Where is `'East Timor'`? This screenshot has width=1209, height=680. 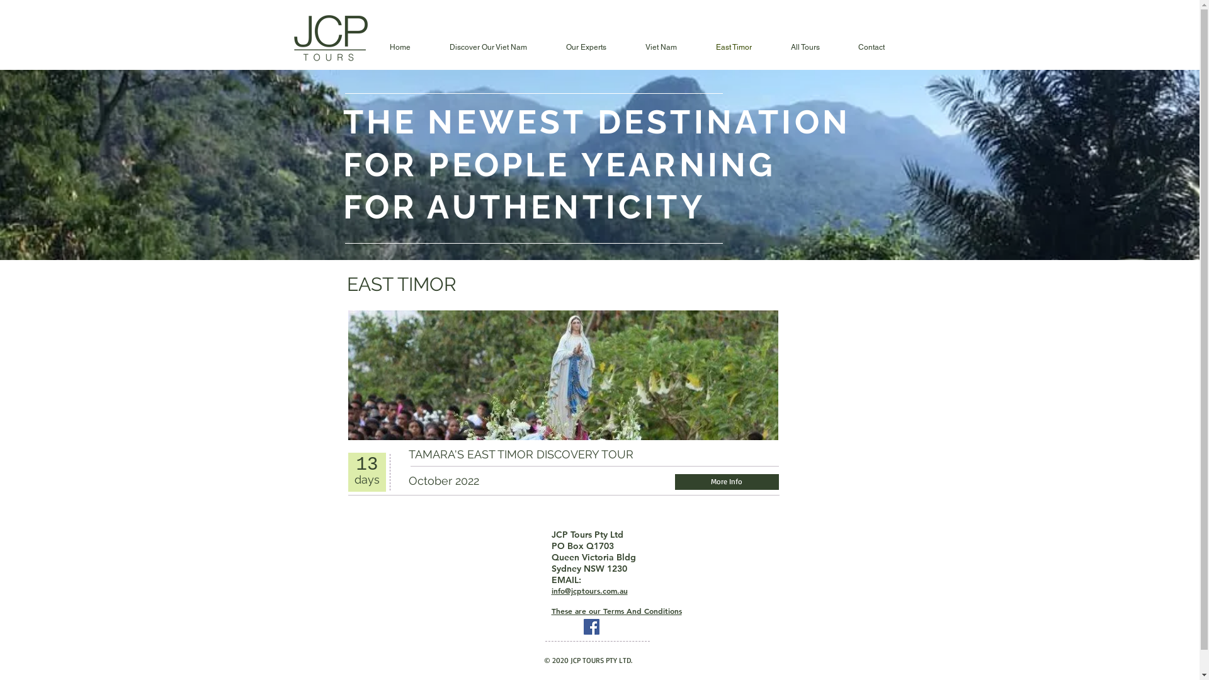 'East Timor' is located at coordinates (734, 47).